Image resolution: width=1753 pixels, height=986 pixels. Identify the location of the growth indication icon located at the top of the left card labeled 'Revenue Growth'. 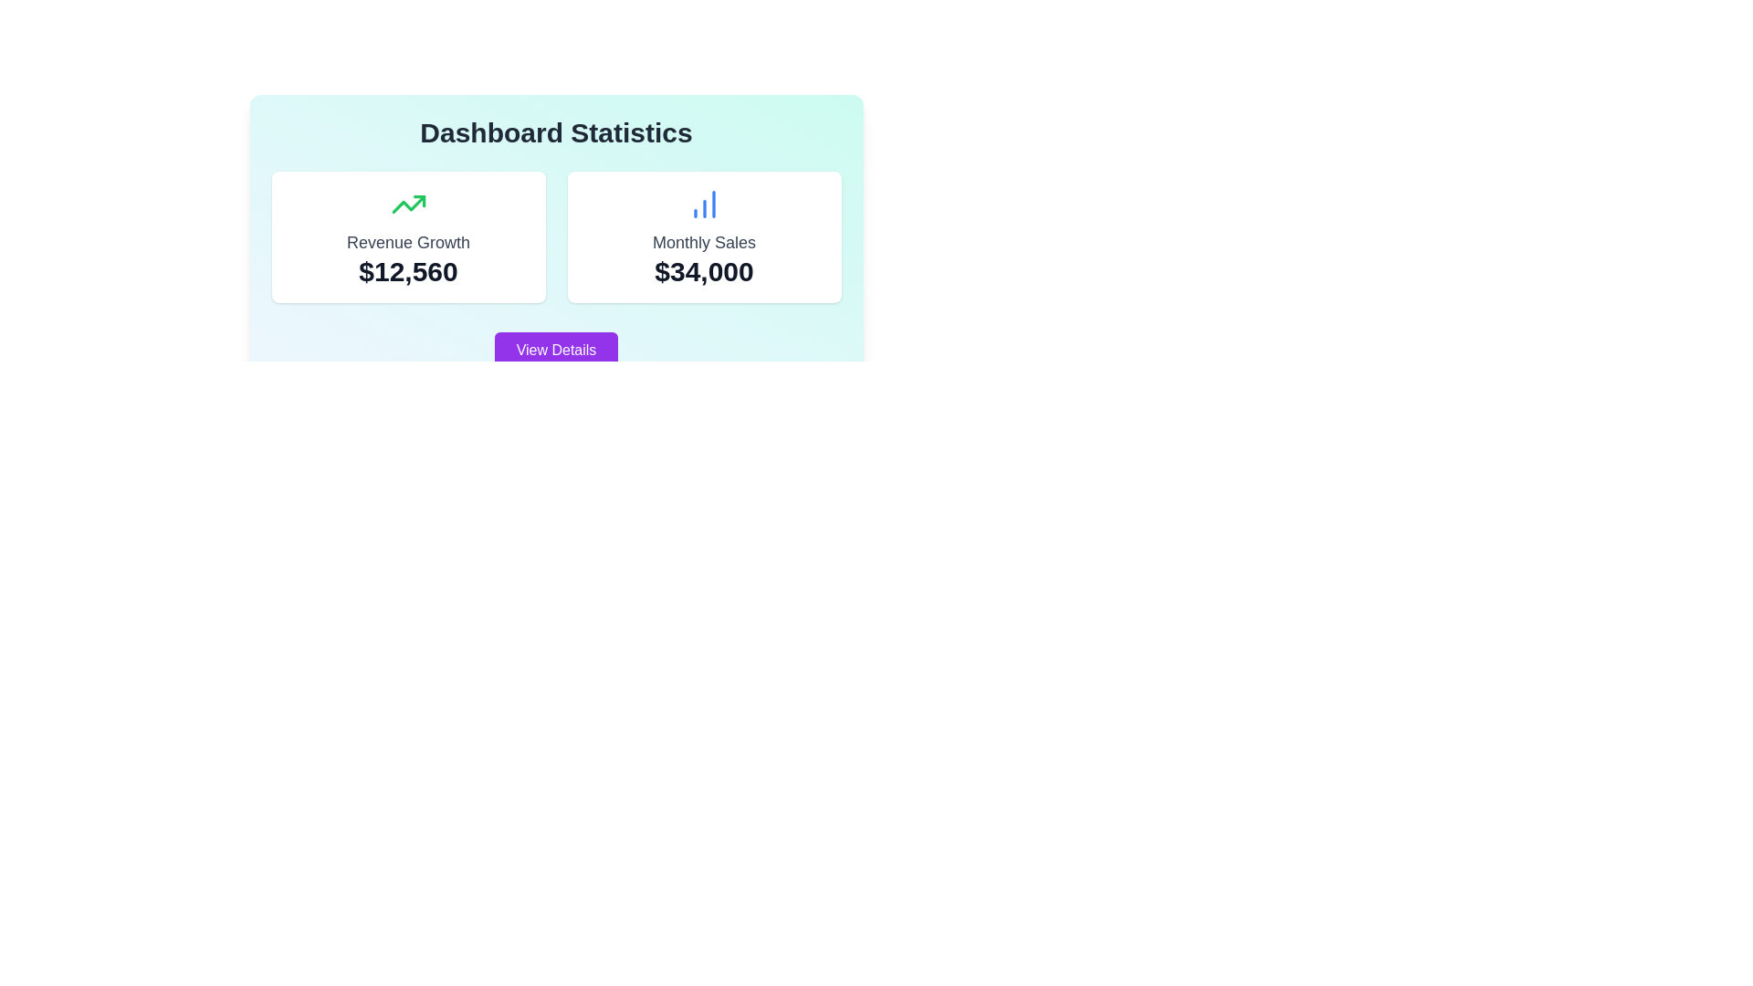
(407, 204).